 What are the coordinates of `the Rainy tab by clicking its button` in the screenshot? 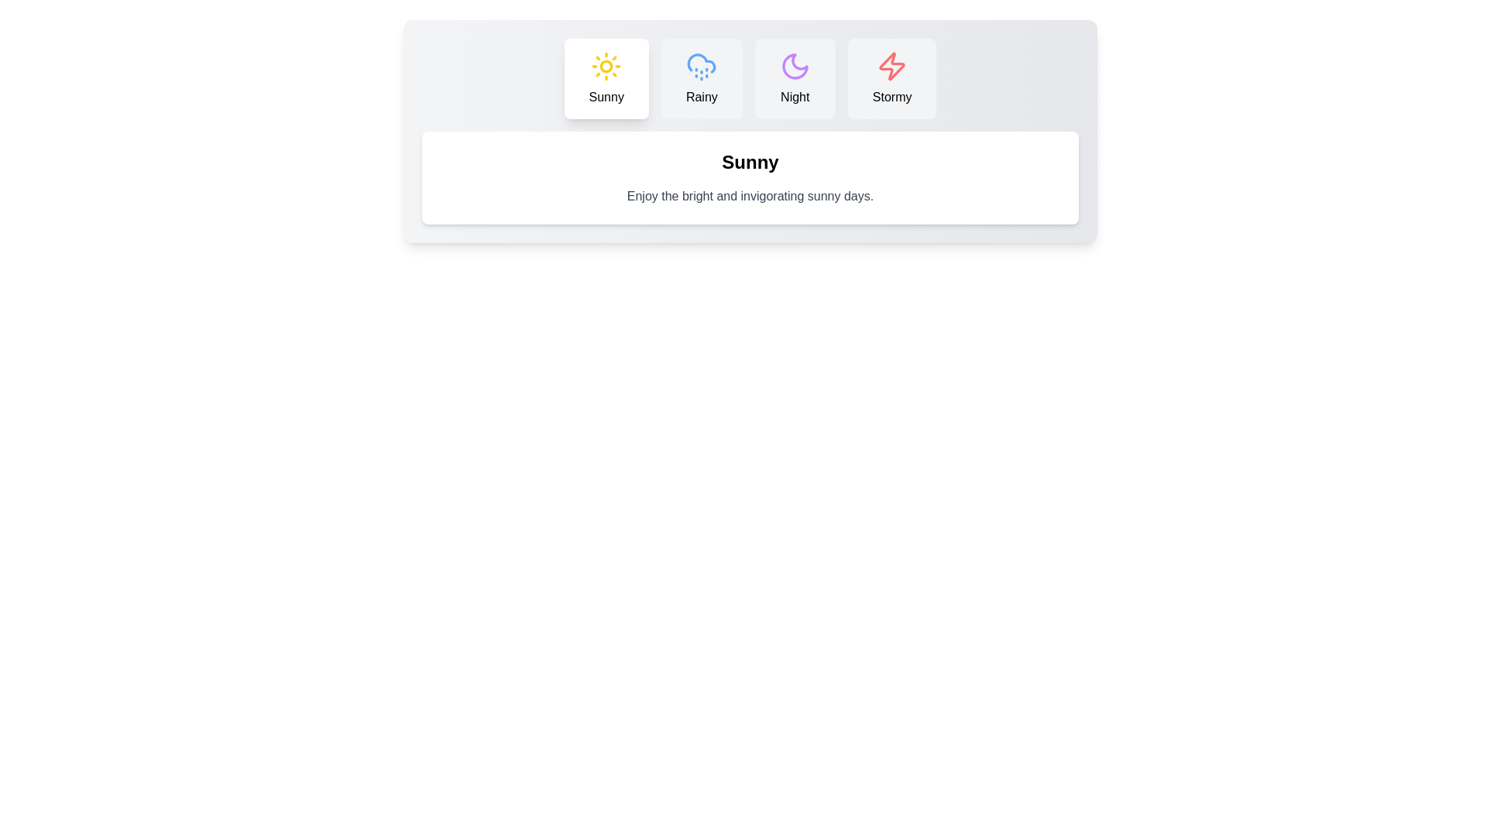 It's located at (701, 78).